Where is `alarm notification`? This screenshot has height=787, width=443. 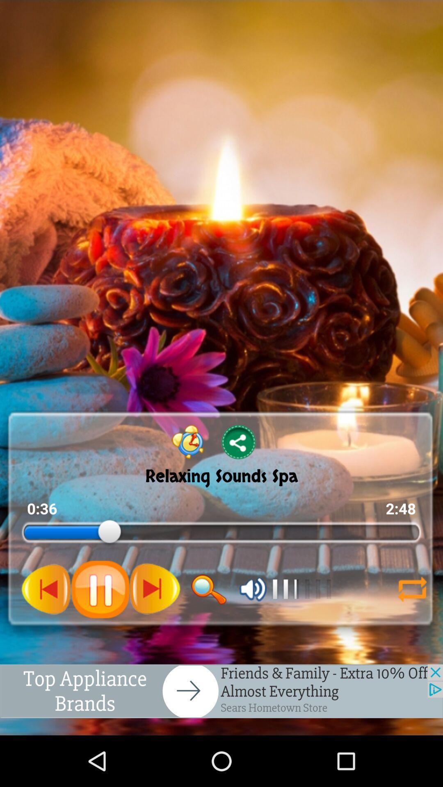 alarm notification is located at coordinates (188, 441).